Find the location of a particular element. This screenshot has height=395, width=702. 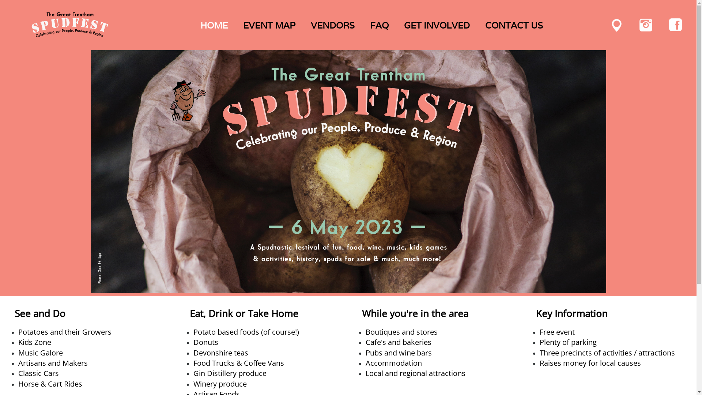

'EVENT MAP' is located at coordinates (269, 25).